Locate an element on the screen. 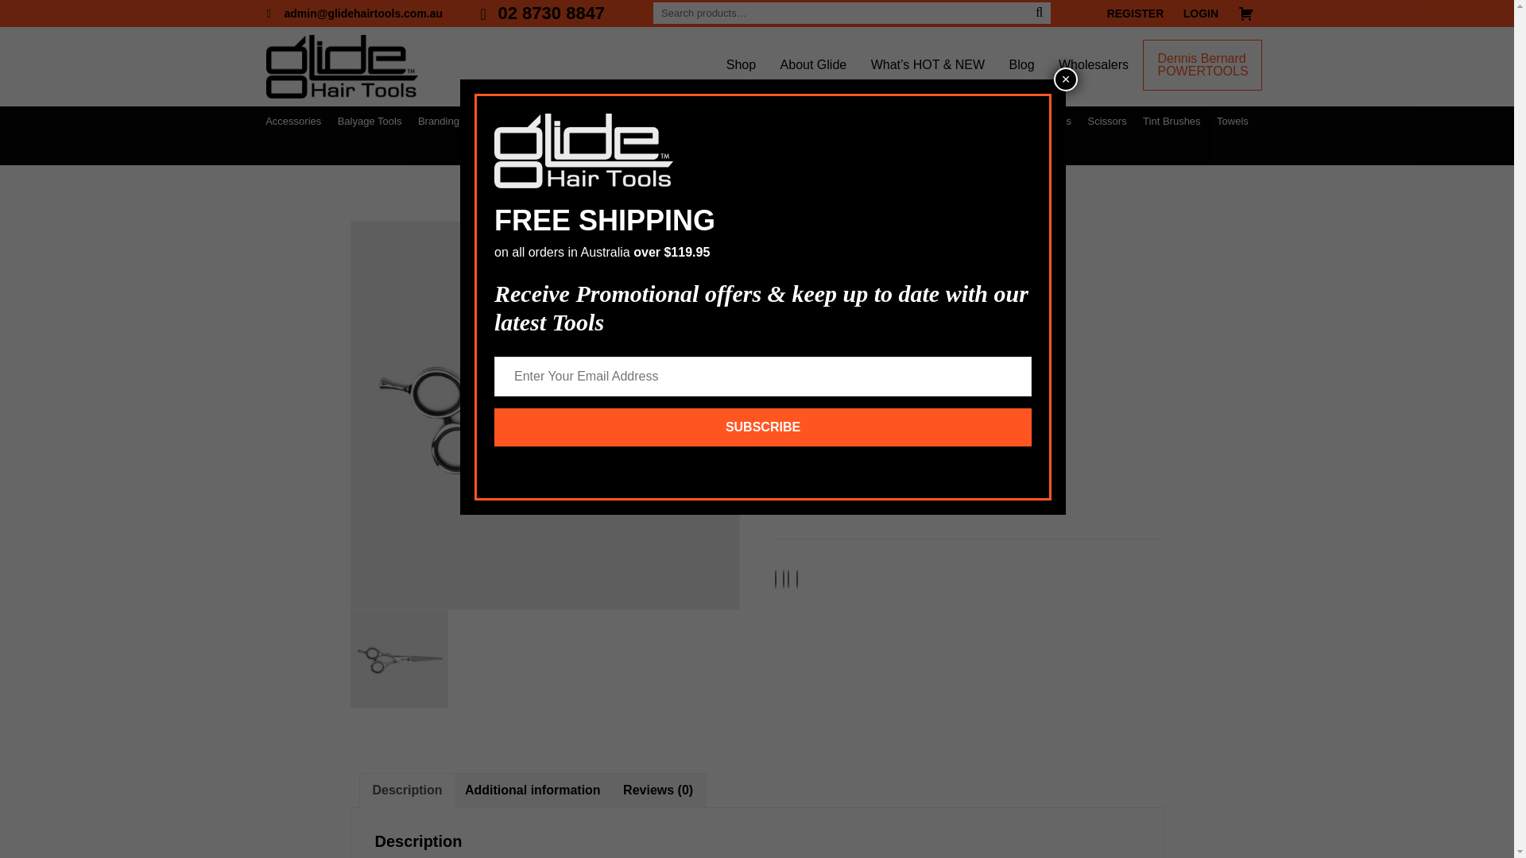 Image resolution: width=1526 pixels, height=858 pixels. 'About Glide' is located at coordinates (770, 64).